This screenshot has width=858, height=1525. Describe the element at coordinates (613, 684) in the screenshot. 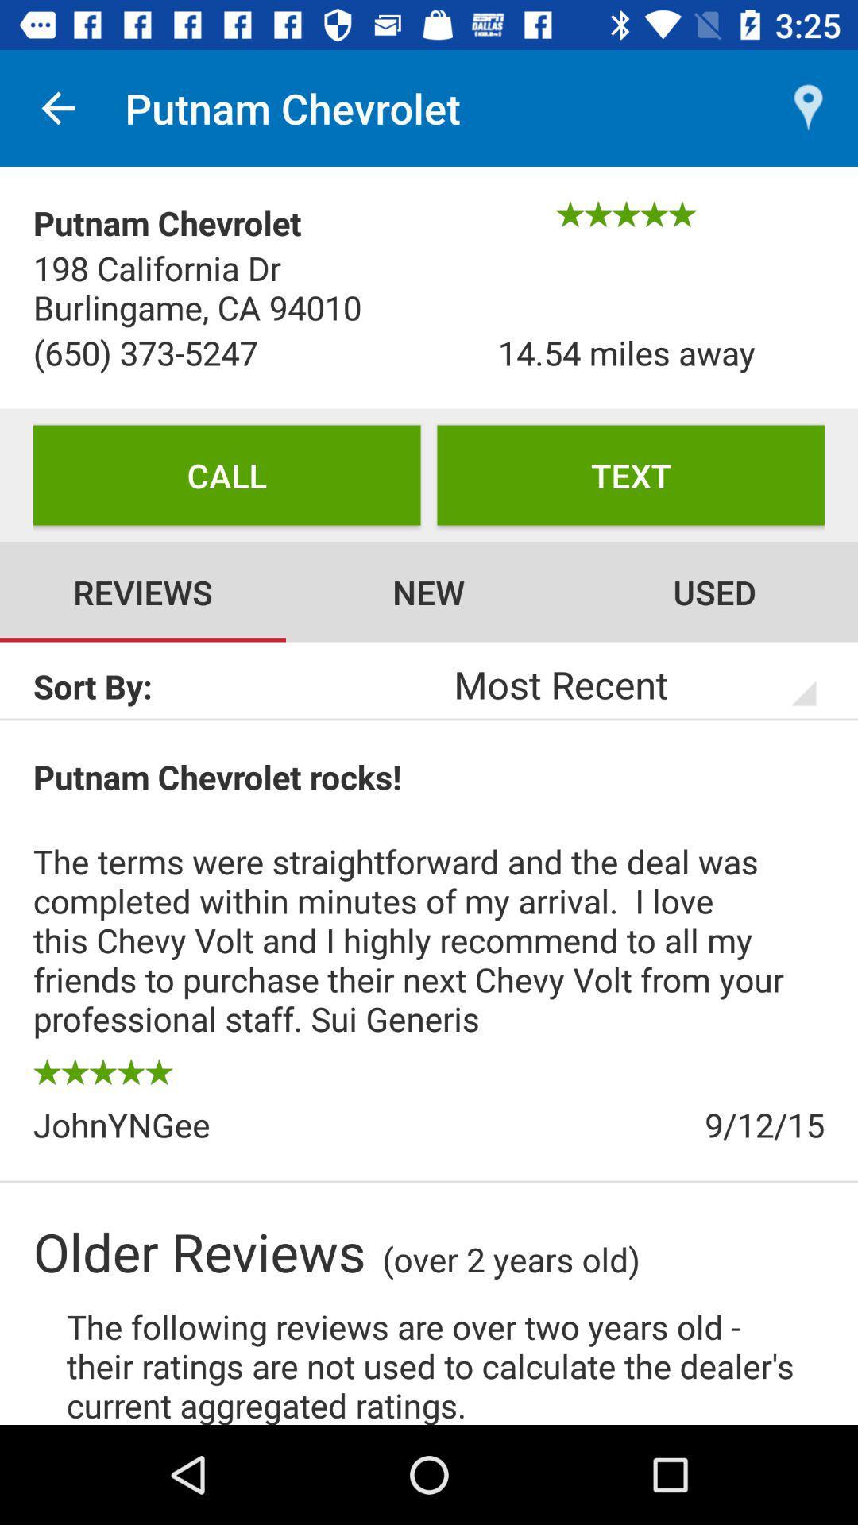

I see `the icon below new icon` at that location.